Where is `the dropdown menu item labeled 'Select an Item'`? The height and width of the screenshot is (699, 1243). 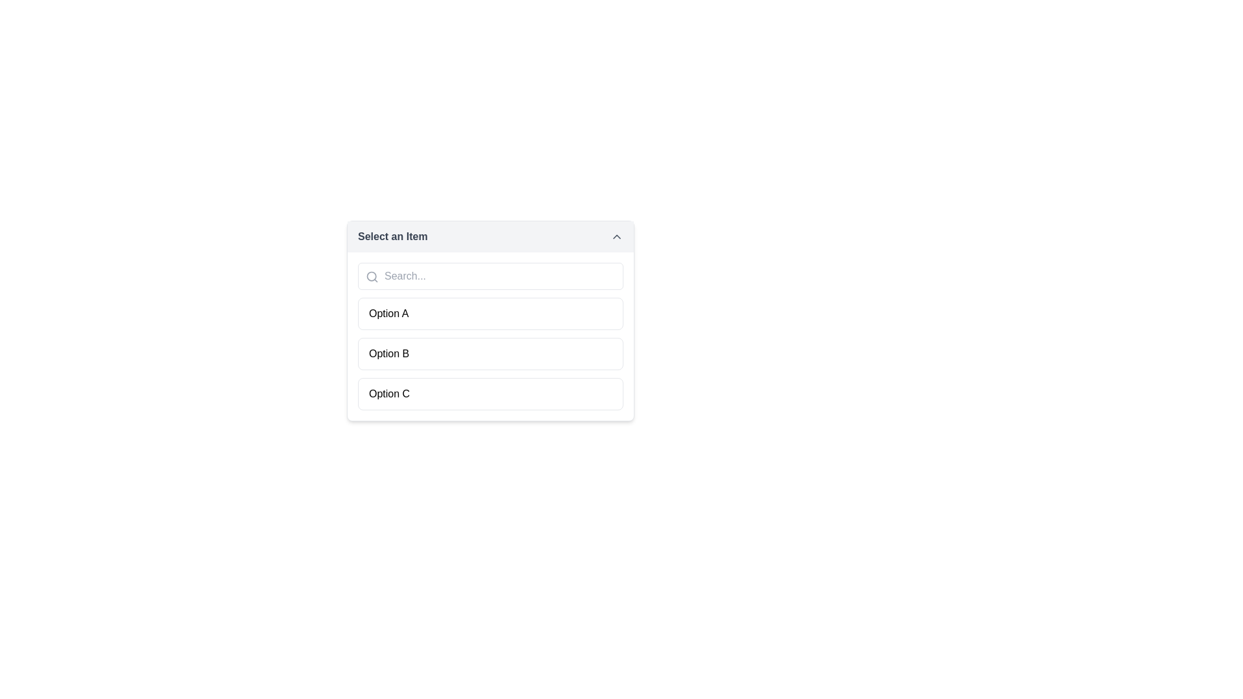 the dropdown menu item labeled 'Select an Item' is located at coordinates (490, 320).